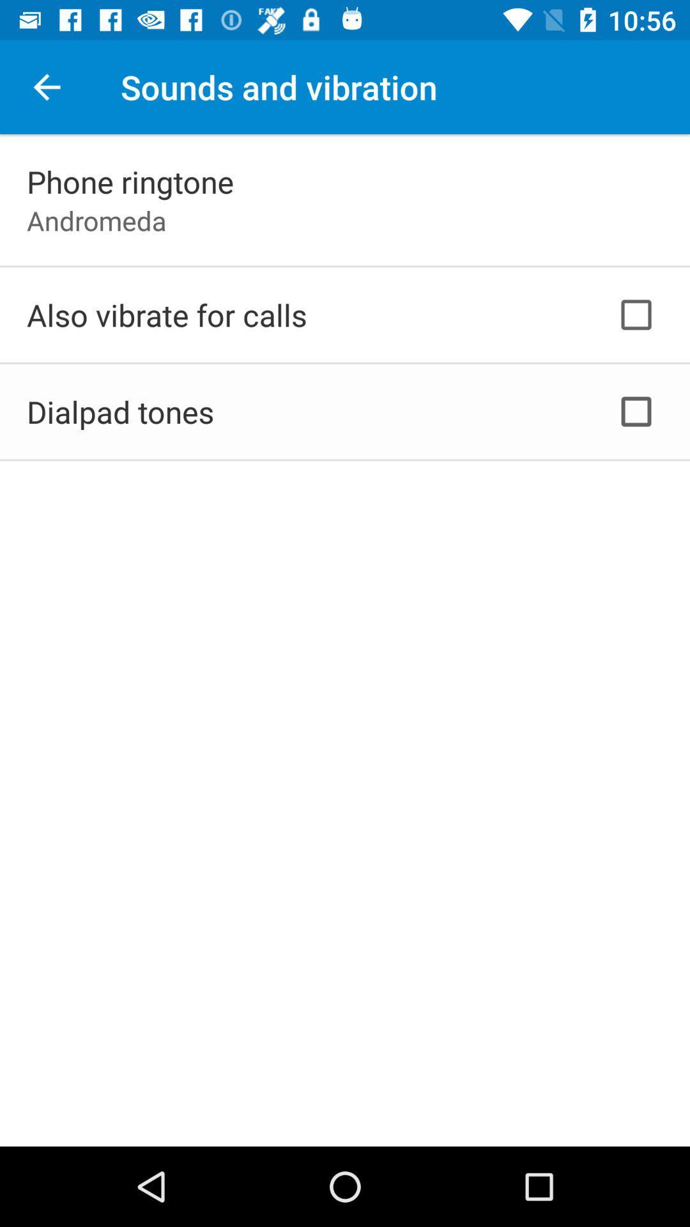 This screenshot has width=690, height=1227. What do you see at coordinates (166, 314) in the screenshot?
I see `also vibrate for app` at bounding box center [166, 314].